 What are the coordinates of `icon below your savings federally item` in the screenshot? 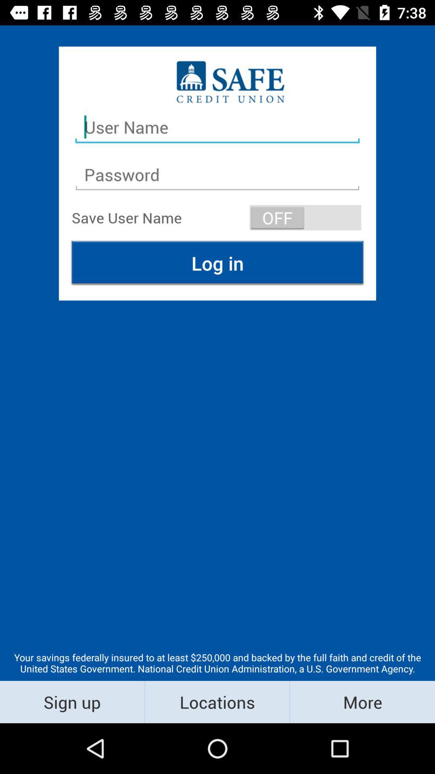 It's located at (217, 701).